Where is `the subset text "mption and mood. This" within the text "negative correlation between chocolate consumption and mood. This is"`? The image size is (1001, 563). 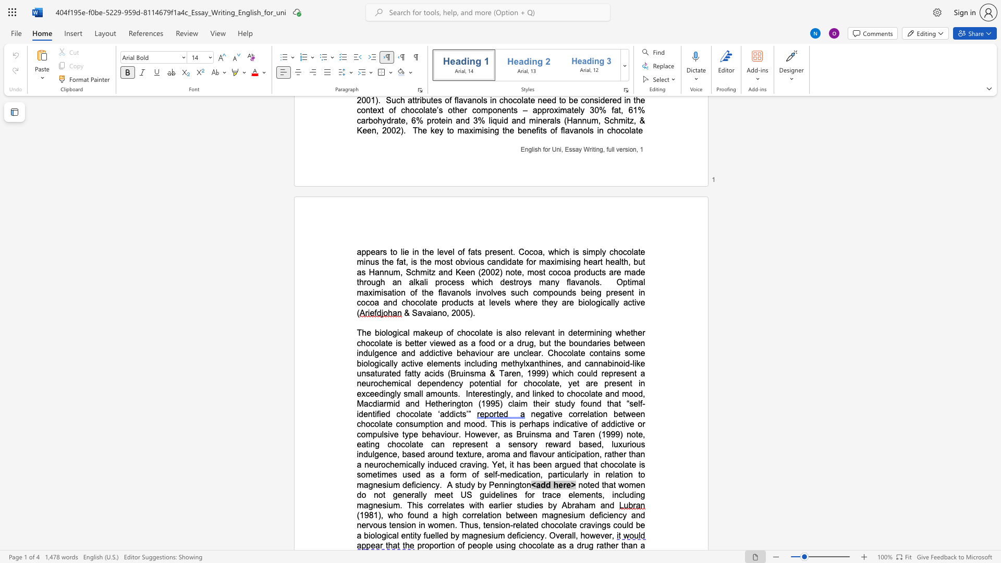 the subset text "mption and mood. This" within the text "negative correlation between chocolate consumption and mood. This is" is located at coordinates (418, 424).